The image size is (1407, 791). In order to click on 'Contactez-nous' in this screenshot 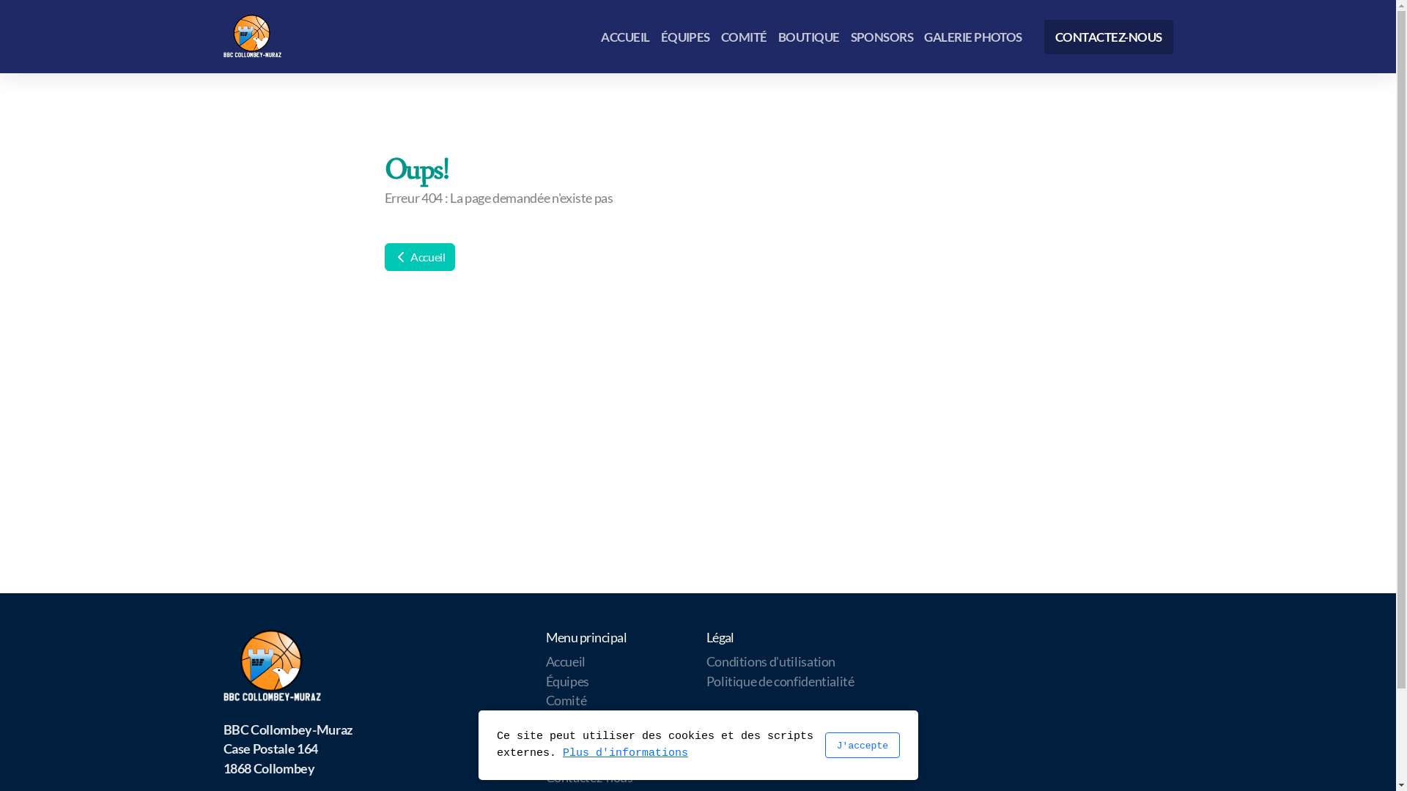, I will do `click(544, 776)`.